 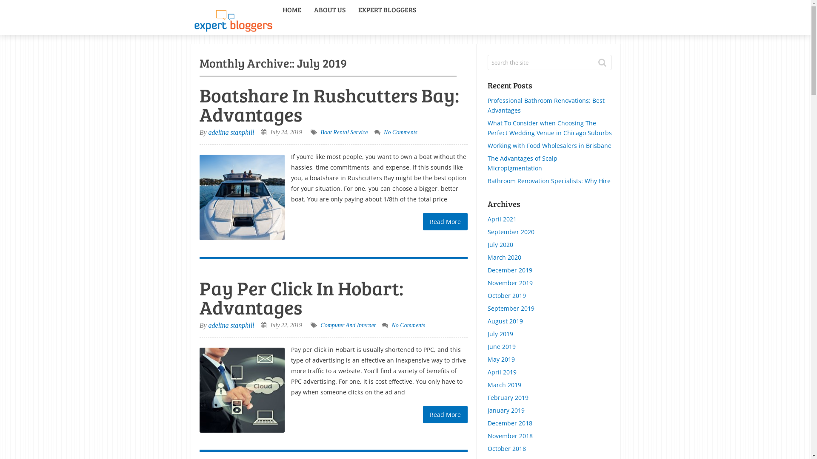 I want to click on 'August 2019', so click(x=488, y=321).